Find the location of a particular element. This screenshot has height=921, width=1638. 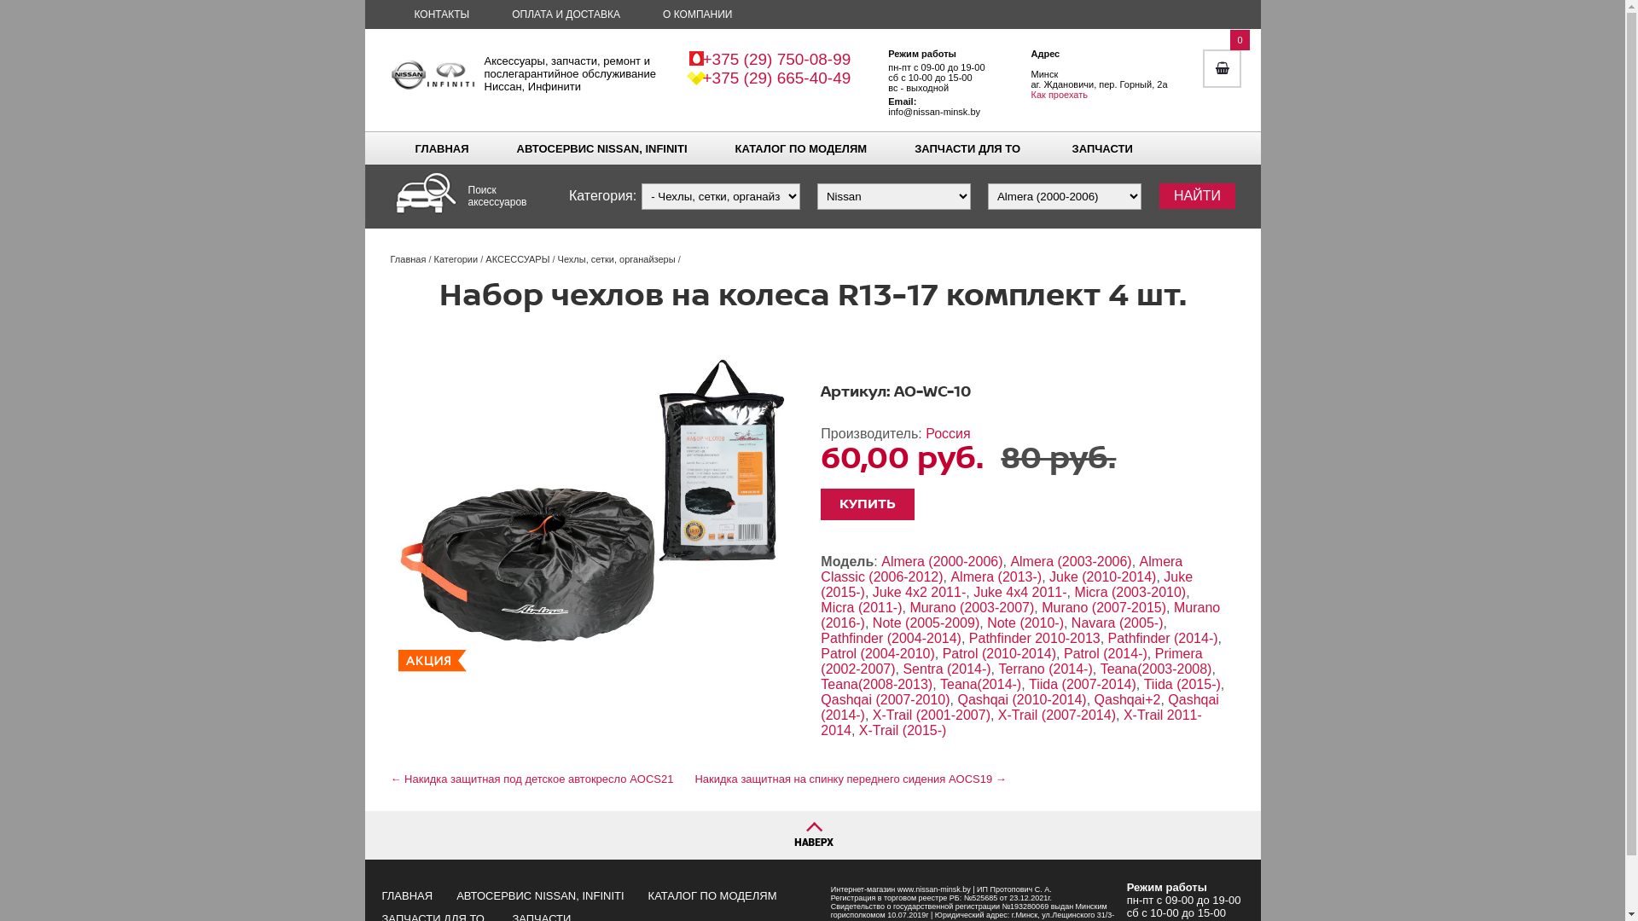

'Almera (2013-)' is located at coordinates (996, 576).